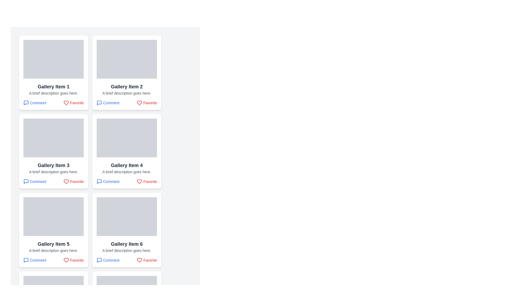 The width and height of the screenshot is (517, 291). I want to click on the speech bubble icon associated with the comment feature for Gallery Item 1, located to the left of the 'Comment' text label, so click(26, 103).